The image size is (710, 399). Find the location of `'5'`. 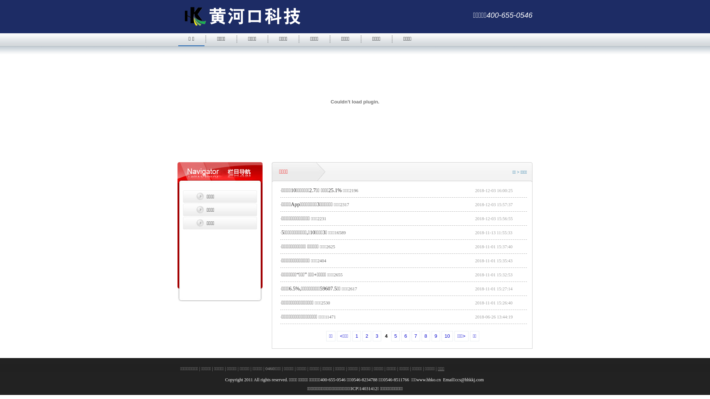

'5' is located at coordinates (395, 336).